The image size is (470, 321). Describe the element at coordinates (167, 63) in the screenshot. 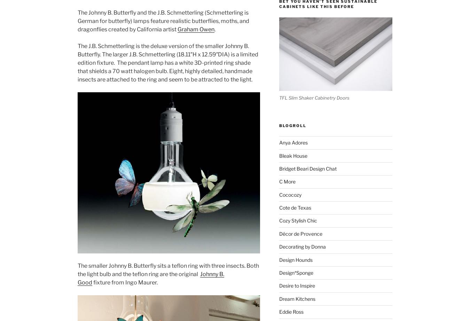

I see `'The J.B. Schmetterling is the deluxe version of the smaller Johnny B. Butterfly. The larger J.B. Schmetterling (18.11″H x 12.59″DIA) is a limited edition fixture.  The pendant lamp has a white 3D-printed ring shade that shields a 70 watt halogen bulb. Eight, highly detailed, handmade insects are attached to the ring and seem to be attracted to the light.'` at that location.